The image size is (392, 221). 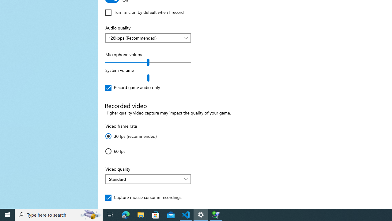 What do you see at coordinates (132, 87) in the screenshot?
I see `'Record game audio only'` at bounding box center [132, 87].